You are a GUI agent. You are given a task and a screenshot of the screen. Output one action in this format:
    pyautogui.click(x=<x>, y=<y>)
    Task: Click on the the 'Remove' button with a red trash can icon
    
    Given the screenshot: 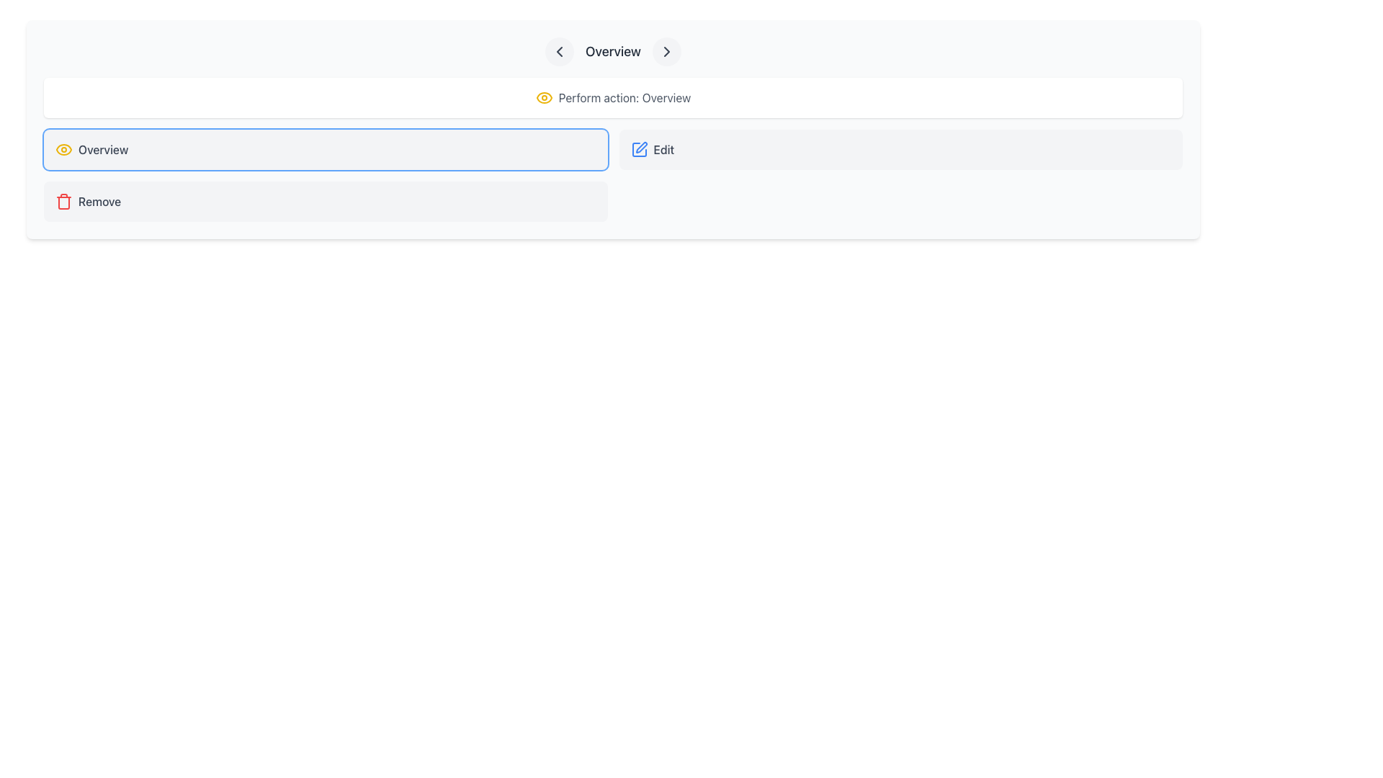 What is the action you would take?
    pyautogui.click(x=325, y=202)
    